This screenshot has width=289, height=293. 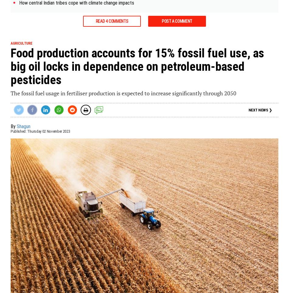 I want to click on 'Published: Thursday 02 November 2023', so click(x=40, y=131).